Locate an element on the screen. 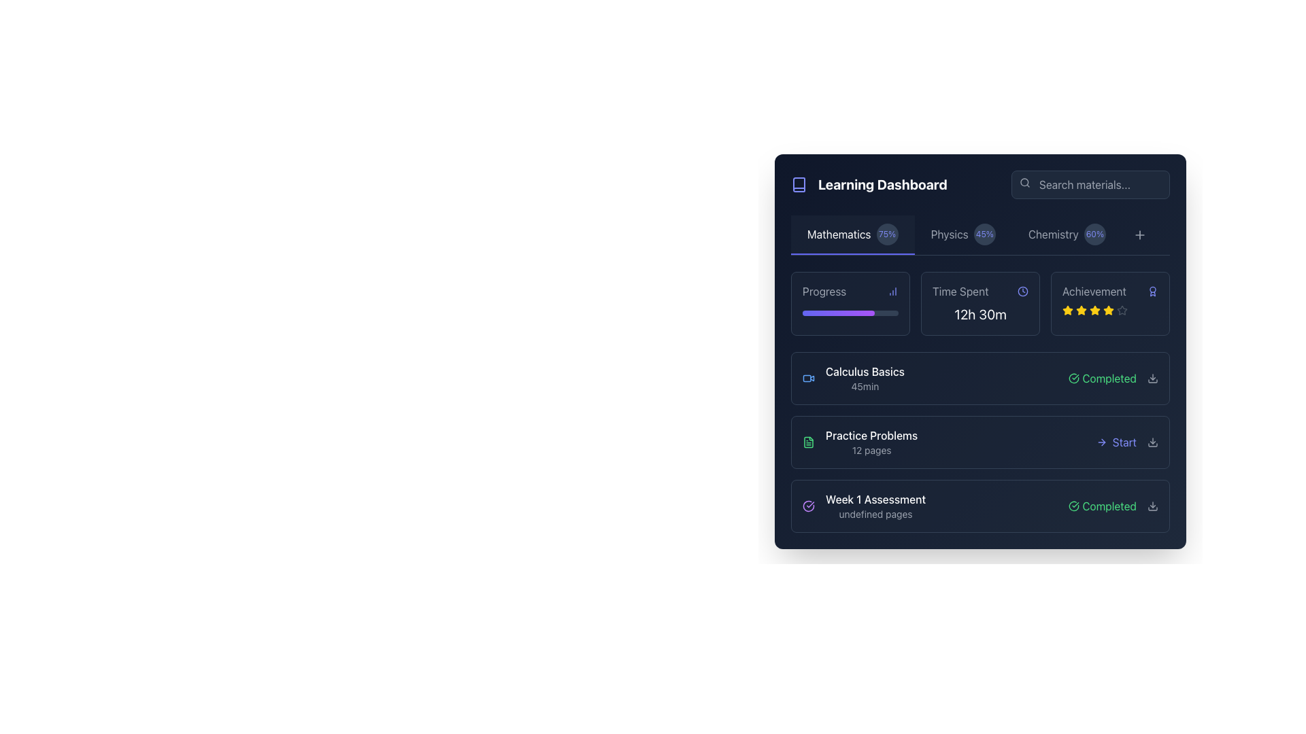 This screenshot has width=1306, height=734. the 'Chemistry' text label, which is the third item in a horizontal list of topics is located at coordinates (1052, 233).